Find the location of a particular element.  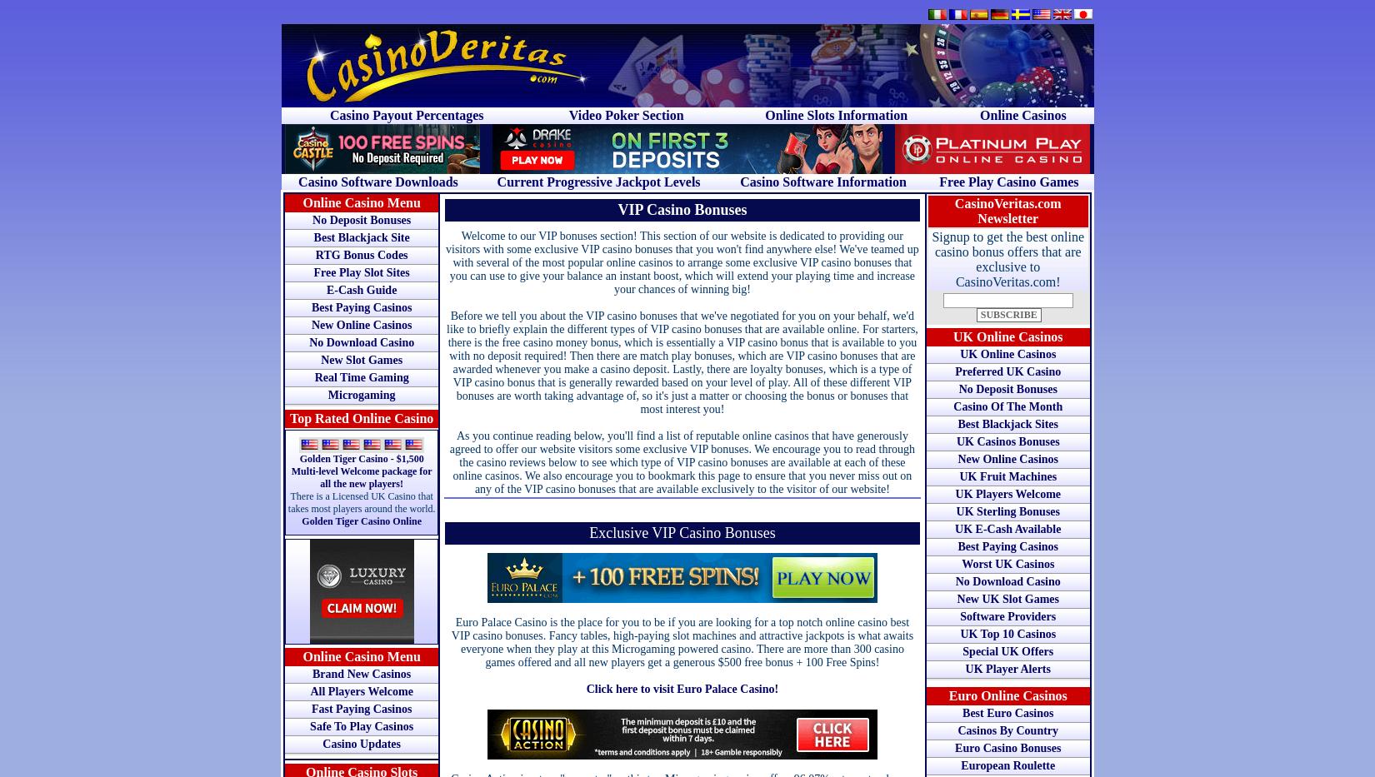

'No
          Download Casino' is located at coordinates (308, 342).